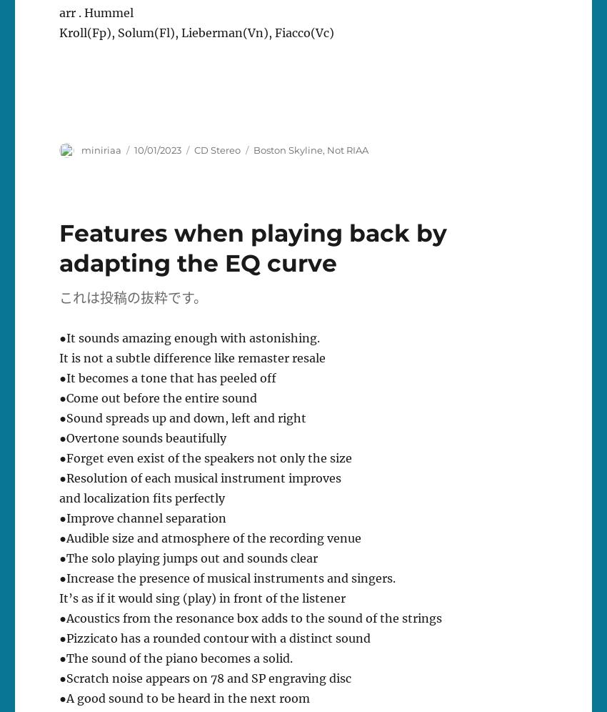 The width and height of the screenshot is (607, 712). Describe the element at coordinates (252, 149) in the screenshot. I see `'Boston Skyline'` at that location.